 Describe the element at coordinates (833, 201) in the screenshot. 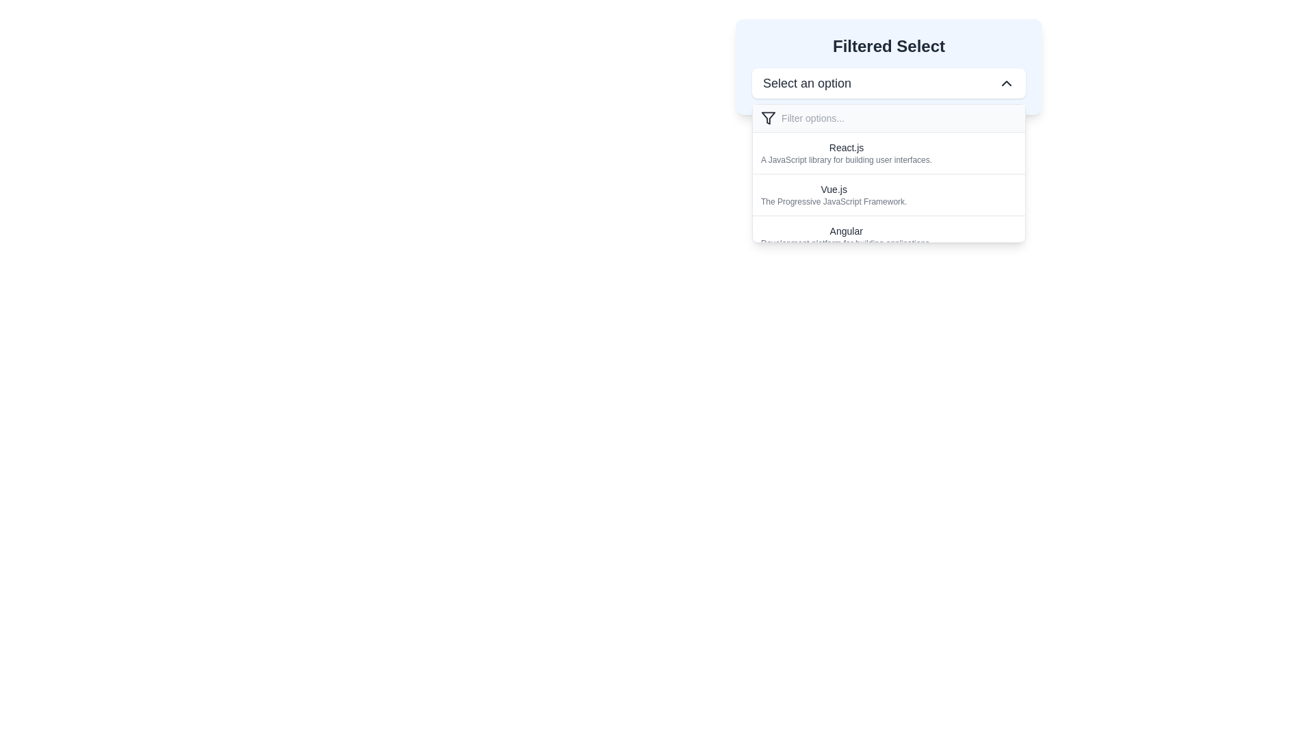

I see `the descriptive Text label positioned directly beneath the 'Vue.js' text in the dropdown menu of the filter selection component` at that location.